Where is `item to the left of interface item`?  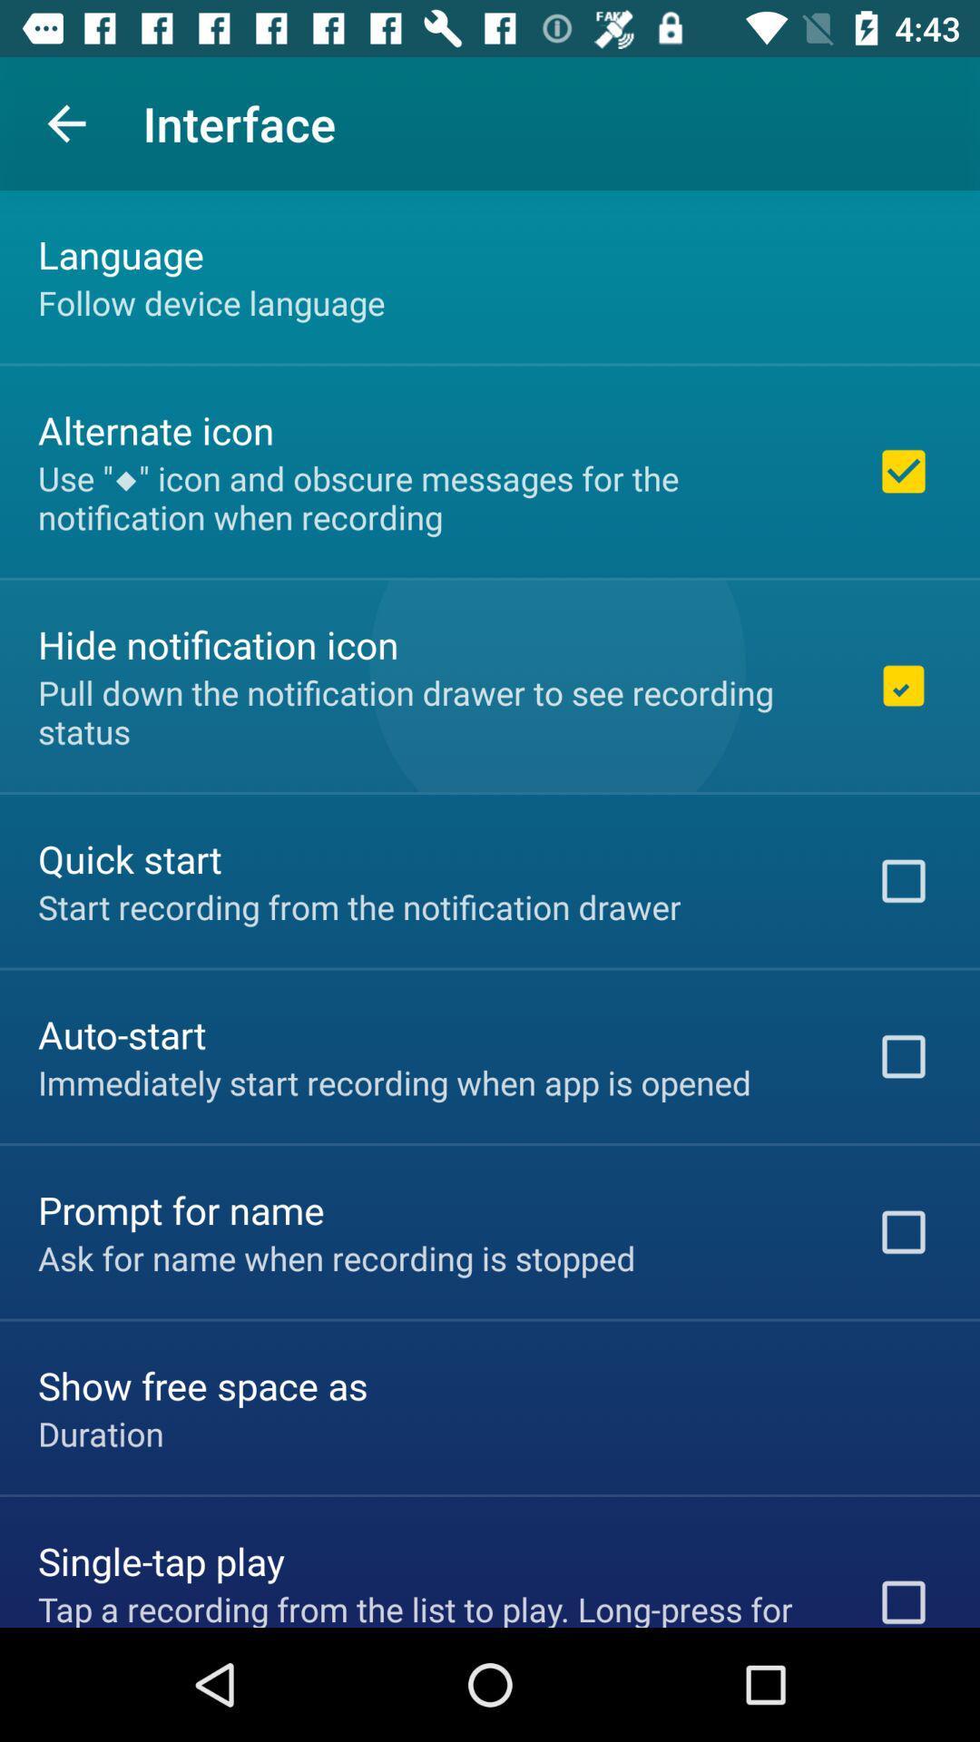
item to the left of interface item is located at coordinates (65, 122).